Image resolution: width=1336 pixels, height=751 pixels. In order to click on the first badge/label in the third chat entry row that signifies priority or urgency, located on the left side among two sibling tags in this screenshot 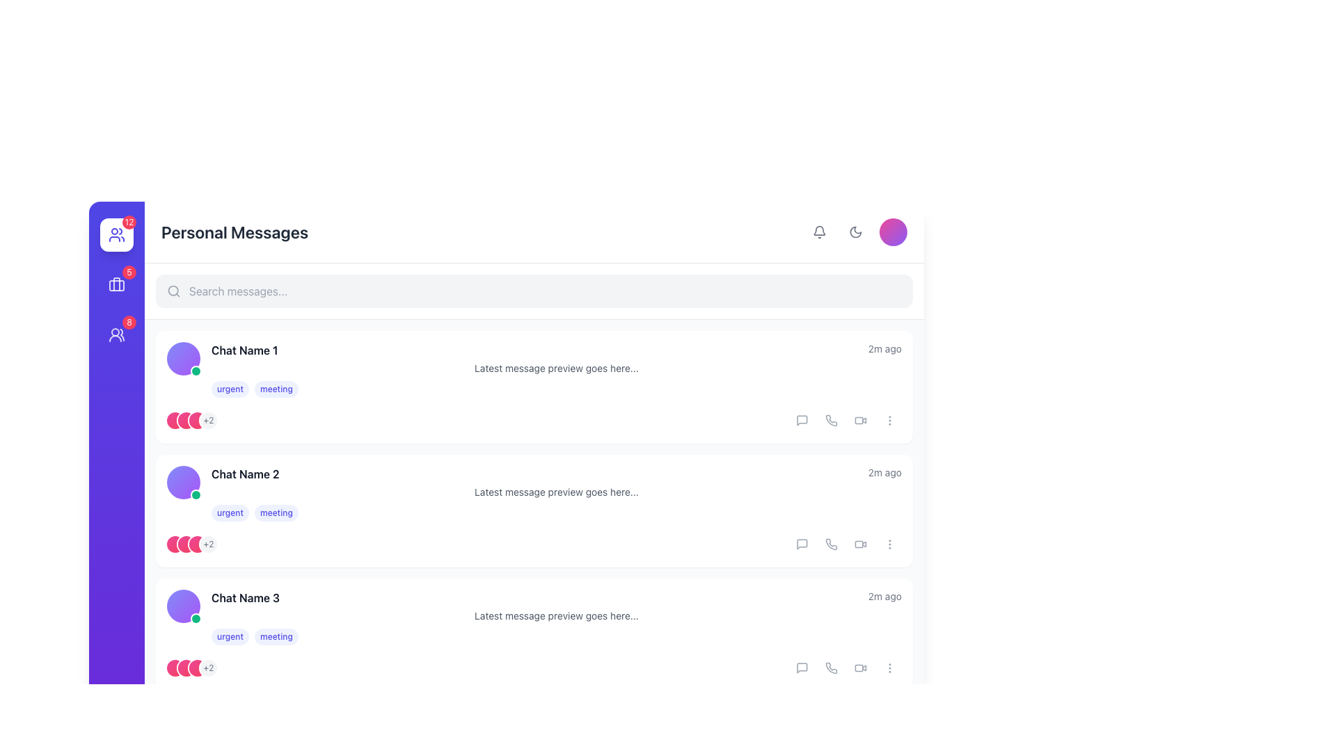, I will do `click(230, 636)`.